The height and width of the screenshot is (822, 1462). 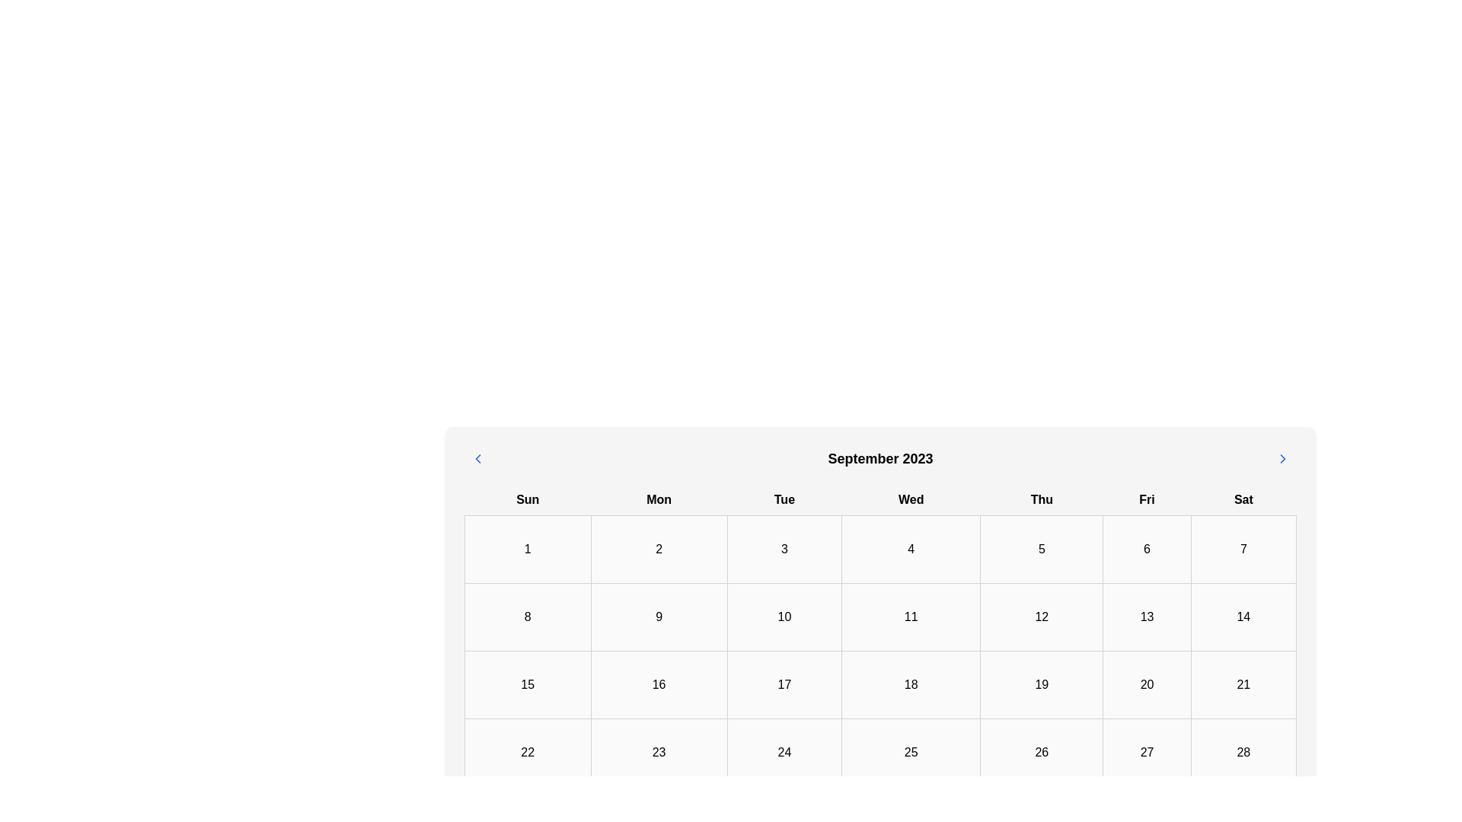 What do you see at coordinates (1243, 500) in the screenshot?
I see `the text label displaying 'Sat' at the end of the sequence of day names in the calendar interface` at bounding box center [1243, 500].